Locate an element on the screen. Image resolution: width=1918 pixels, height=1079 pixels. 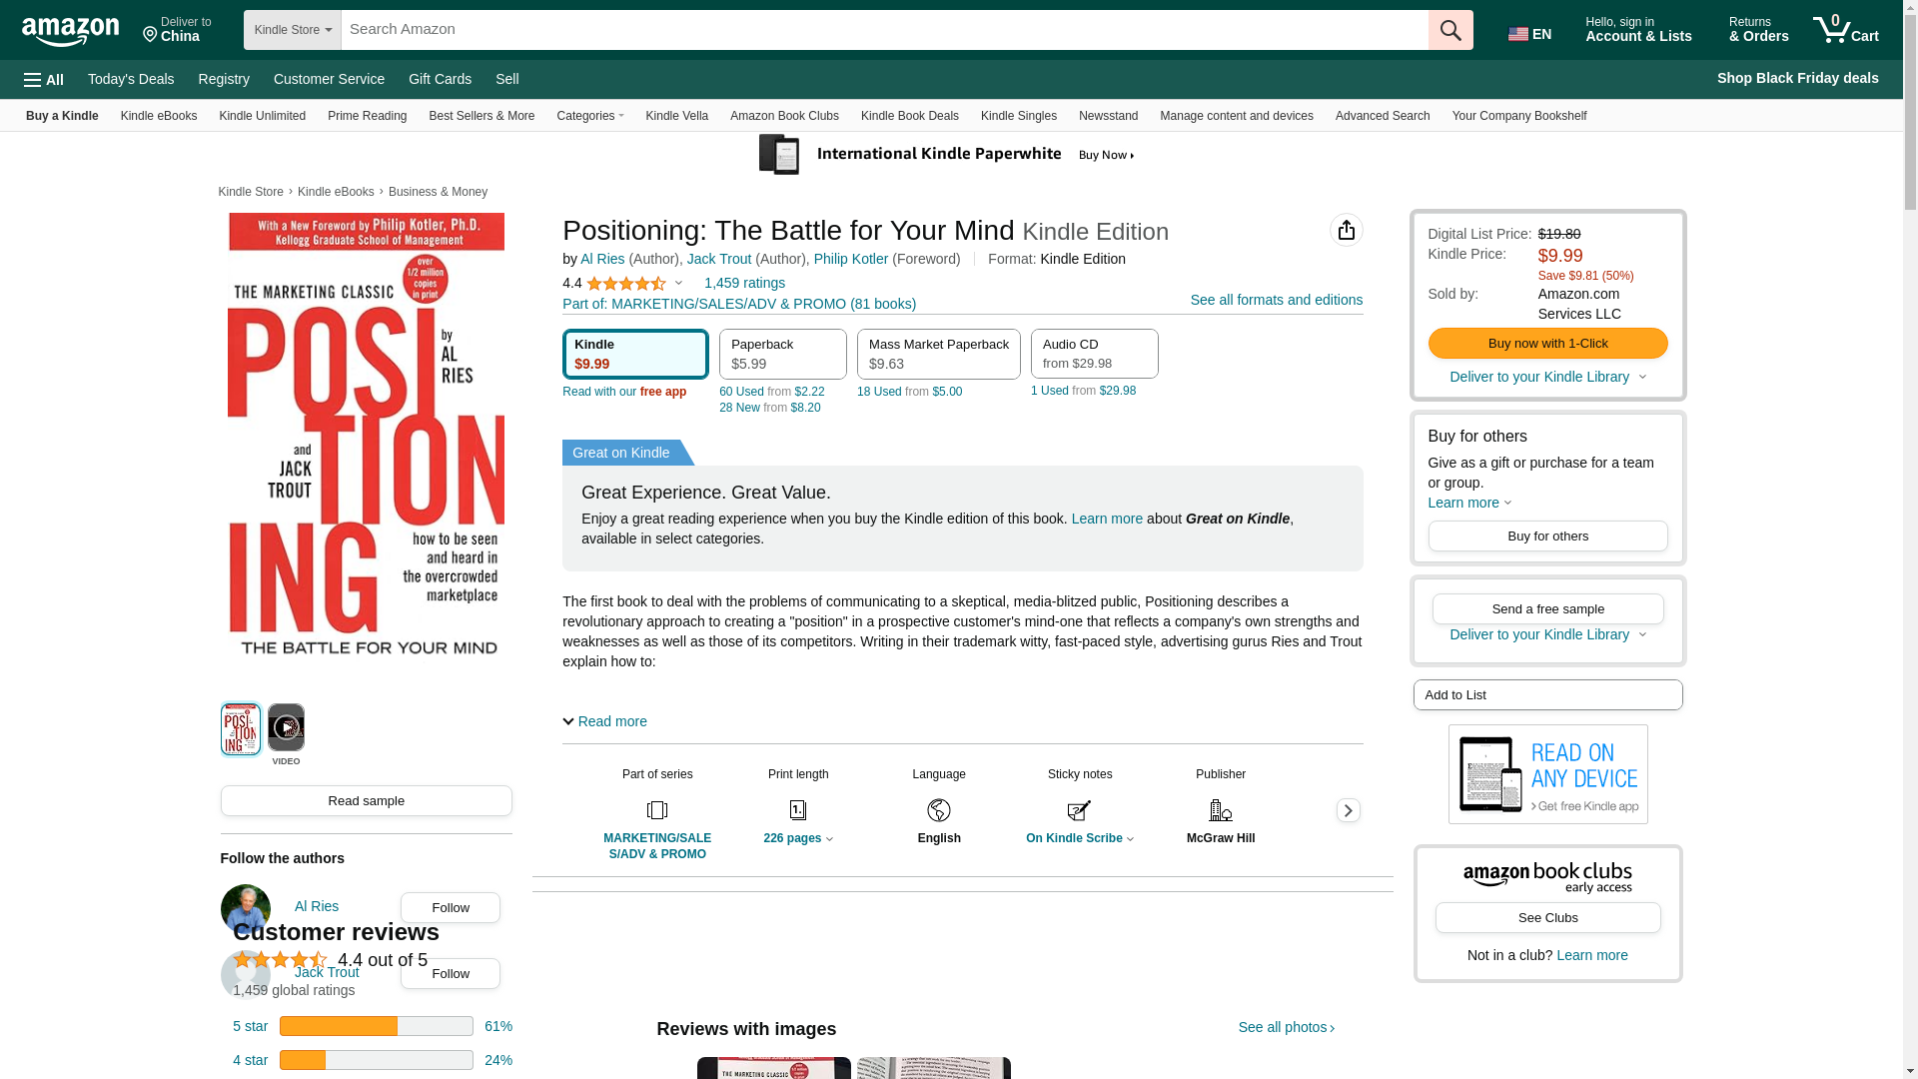
'Manage content and devices' is located at coordinates (1236, 115).